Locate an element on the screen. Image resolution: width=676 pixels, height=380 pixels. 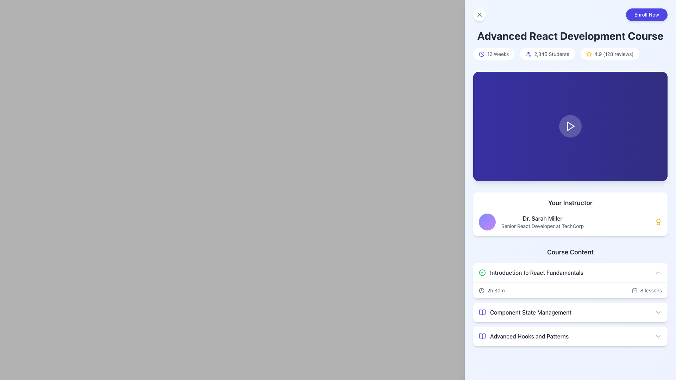
the open book icon with a thin indigo blue outline, located next to the 'Advanced Hooks and Patterns' text in the 'Course Content' section is located at coordinates (482, 336).